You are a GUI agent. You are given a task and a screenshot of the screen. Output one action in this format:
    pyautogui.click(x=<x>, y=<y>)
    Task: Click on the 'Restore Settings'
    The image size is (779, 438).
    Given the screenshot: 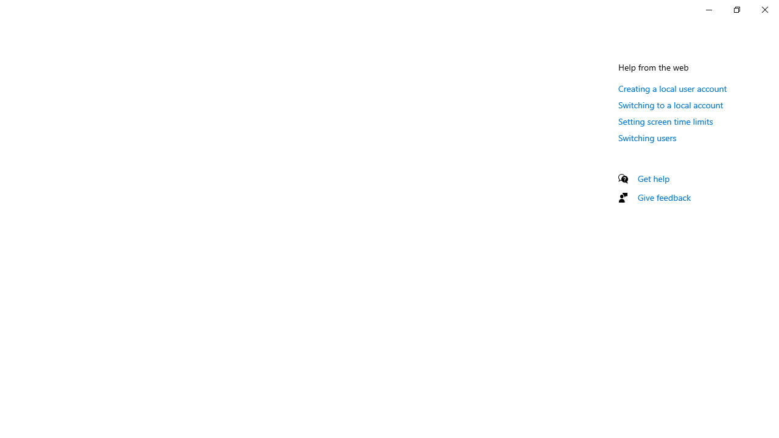 What is the action you would take?
    pyautogui.click(x=736, y=9)
    